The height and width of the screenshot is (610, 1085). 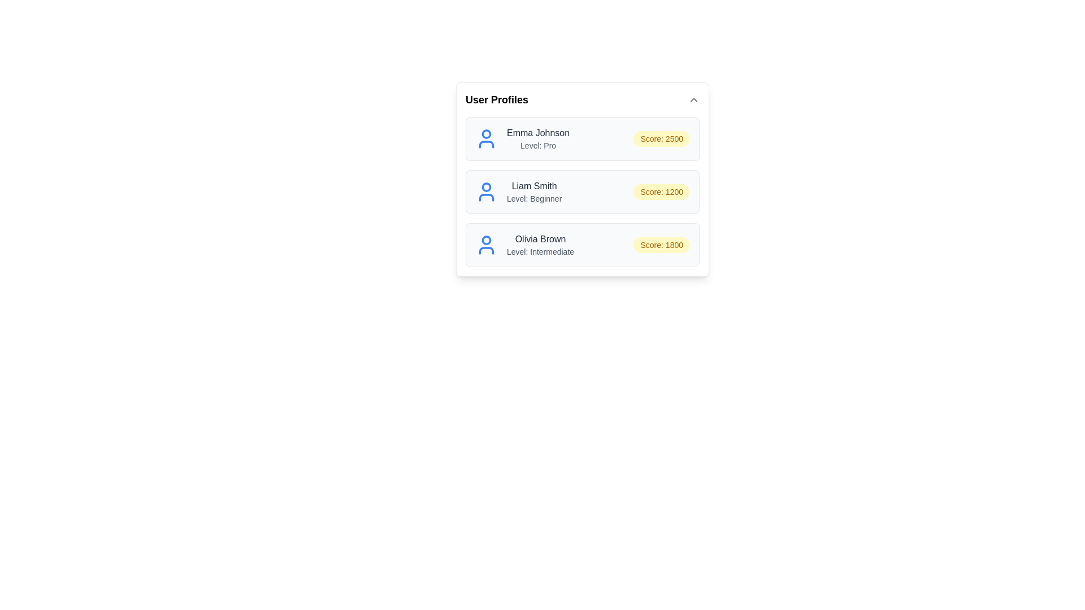 I want to click on the text label that displays the name and proficiency level of the user, which is positioned to the right of the blue profile icon and left of the yellow score field in the user profile list, so click(x=537, y=138).